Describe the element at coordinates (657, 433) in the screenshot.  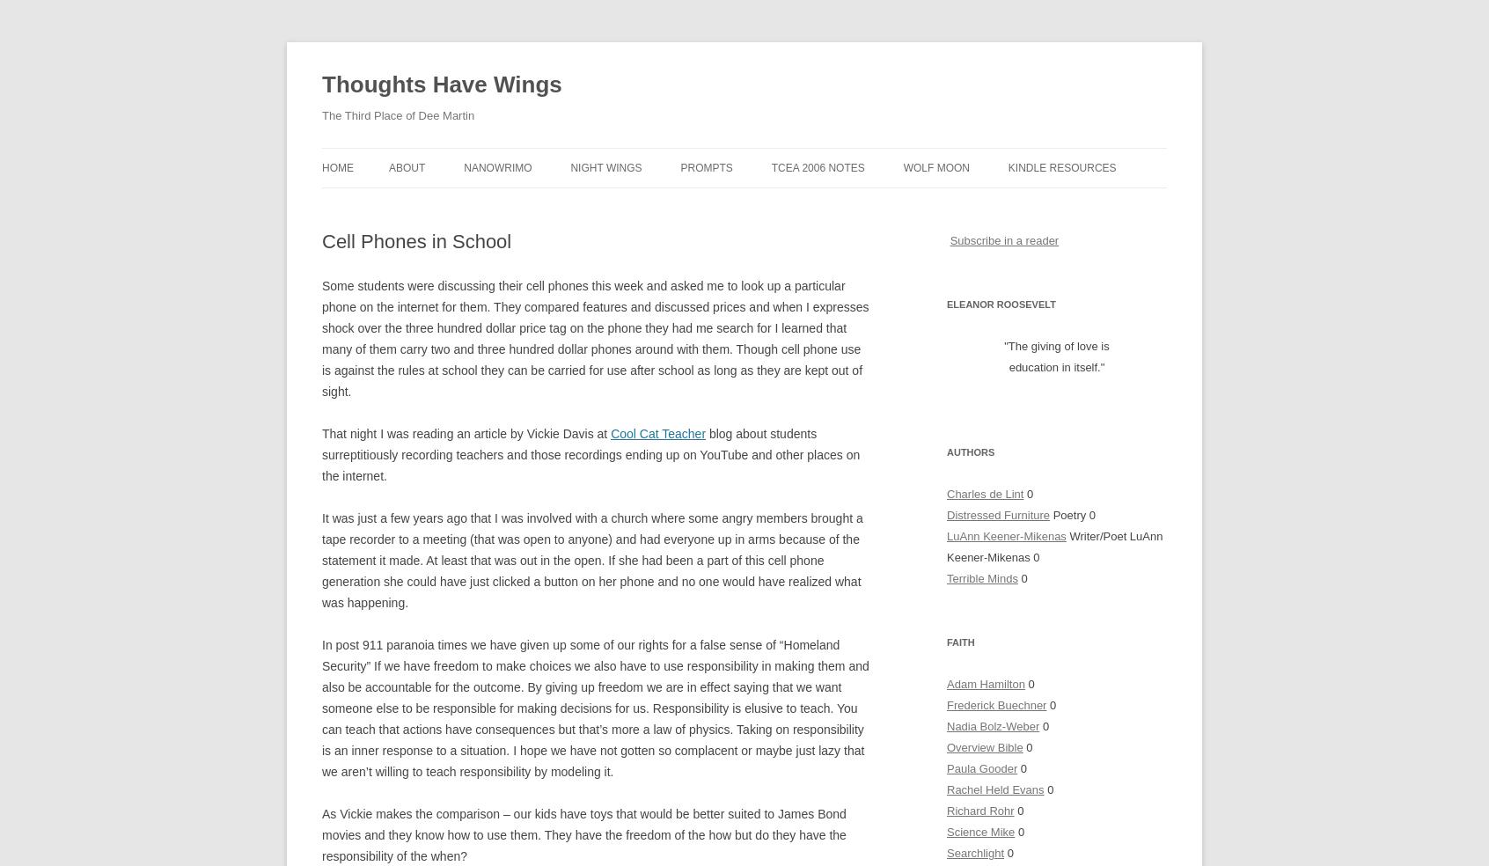
I see `'Cool Cat Teacher'` at that location.